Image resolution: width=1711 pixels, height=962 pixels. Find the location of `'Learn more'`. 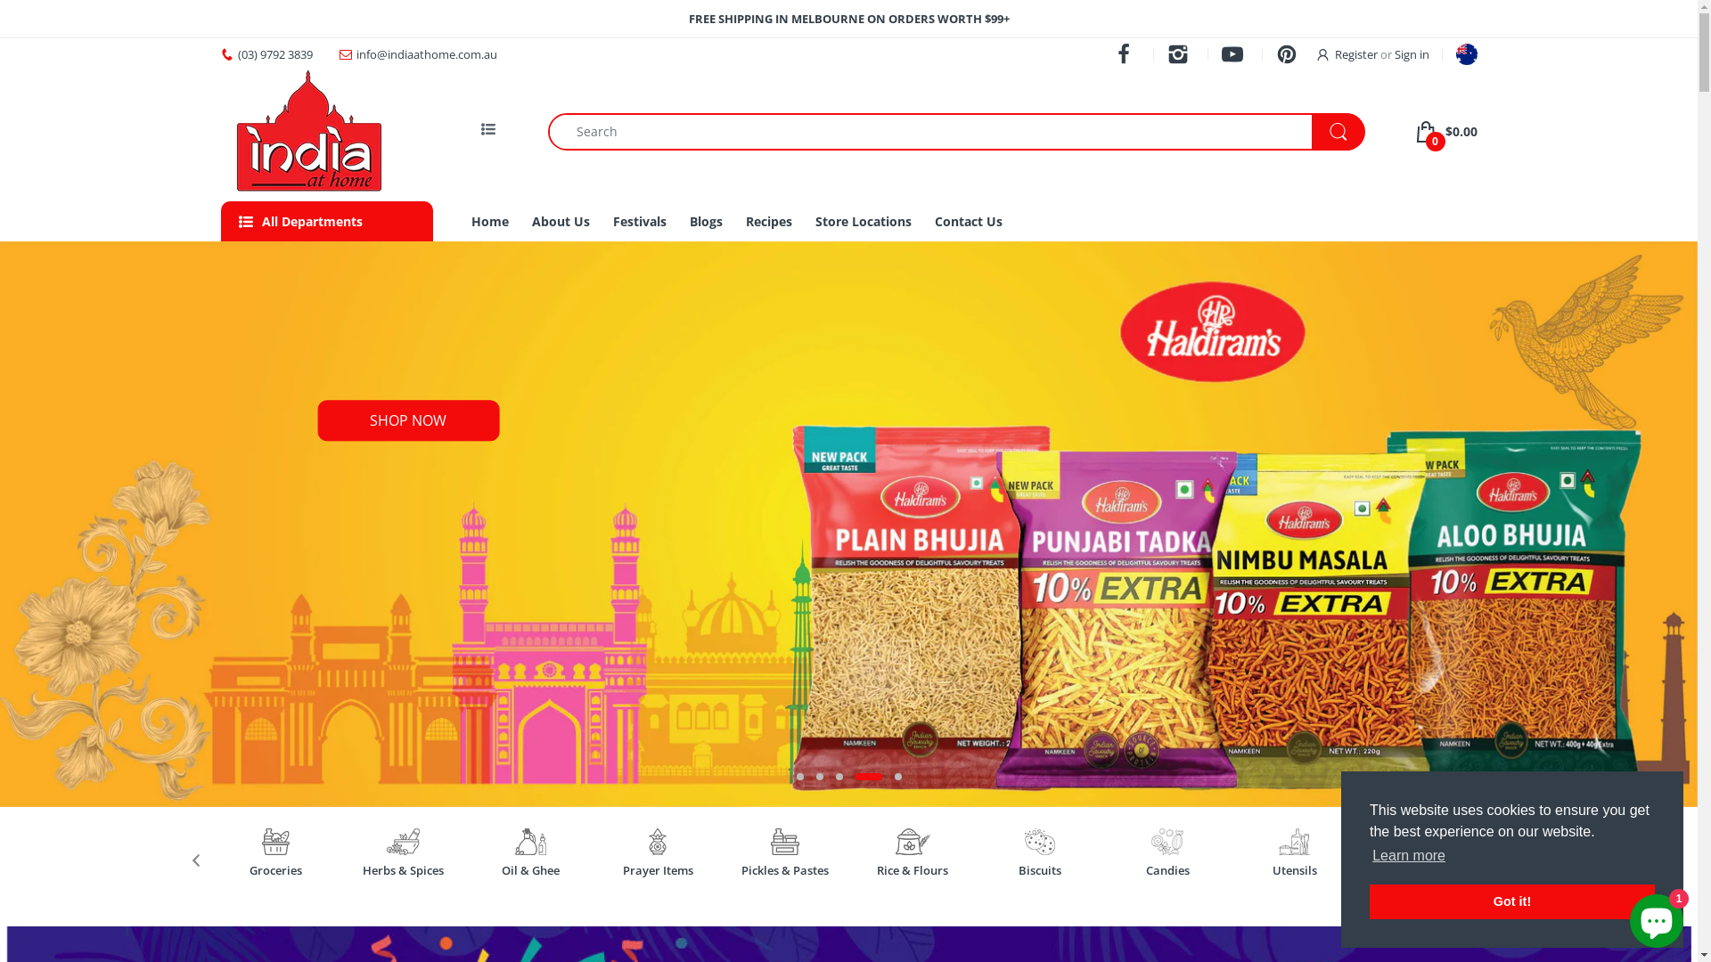

'Learn more' is located at coordinates (1407, 854).